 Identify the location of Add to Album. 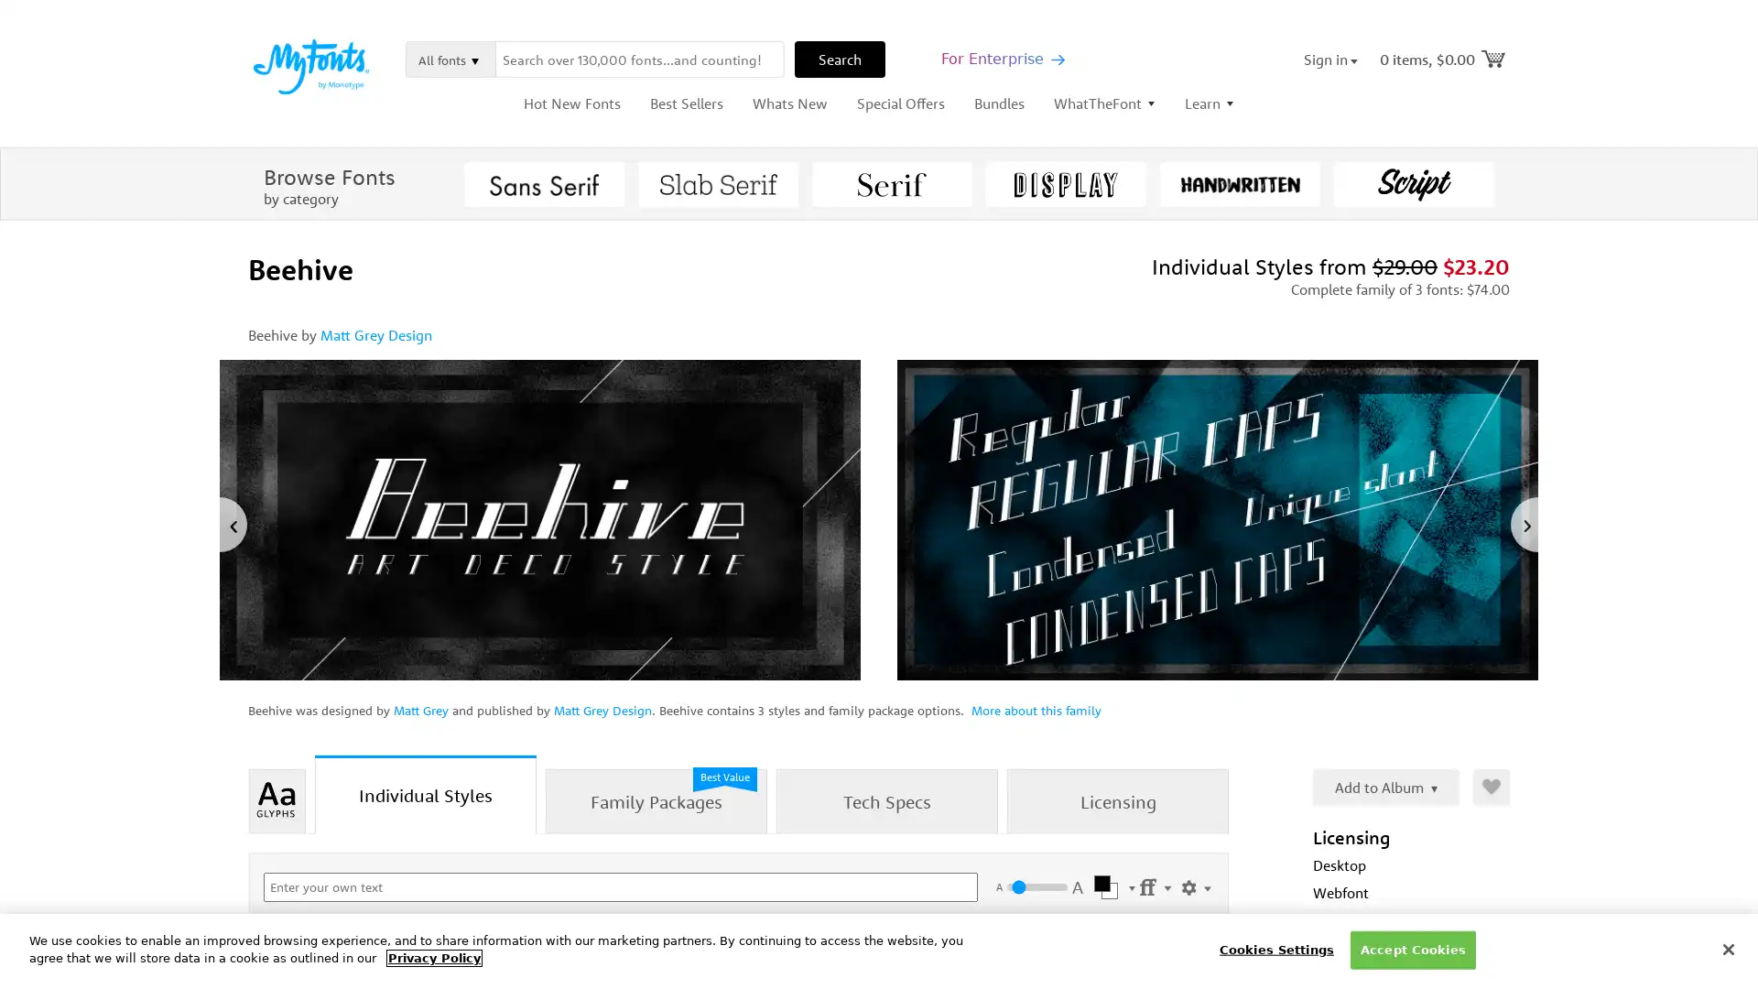
(1385, 787).